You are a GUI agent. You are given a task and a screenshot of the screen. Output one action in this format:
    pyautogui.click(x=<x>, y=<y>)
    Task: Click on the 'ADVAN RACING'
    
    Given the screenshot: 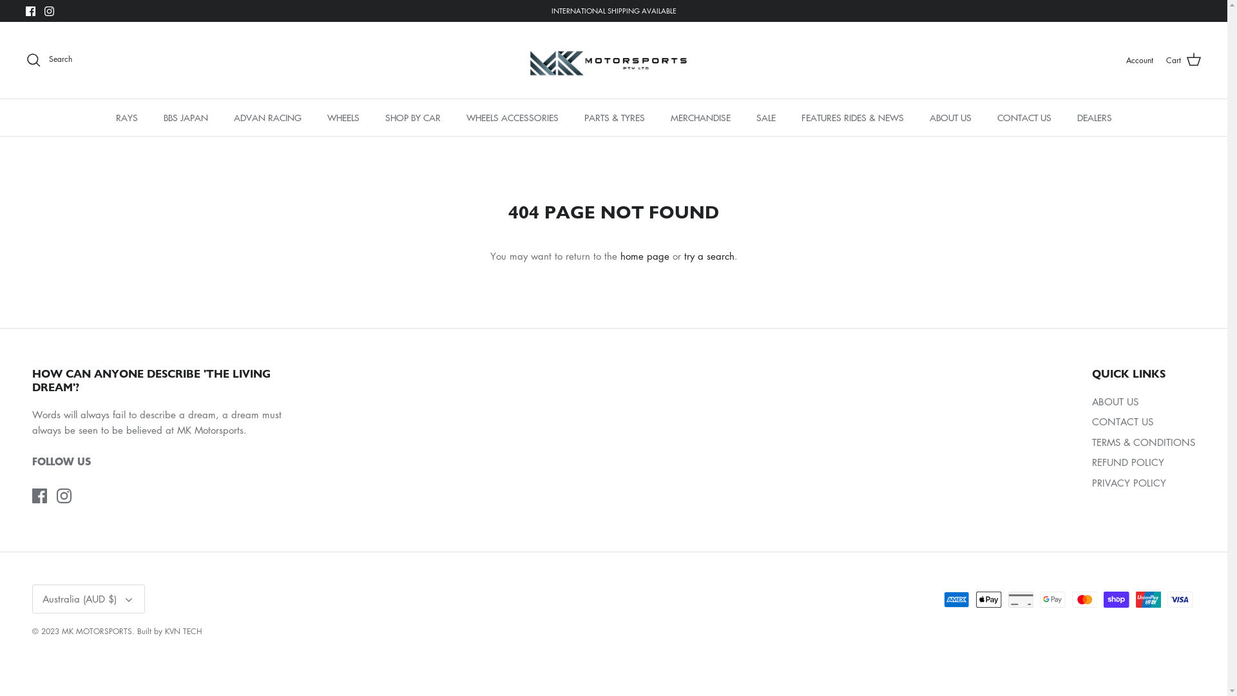 What is the action you would take?
    pyautogui.click(x=266, y=117)
    